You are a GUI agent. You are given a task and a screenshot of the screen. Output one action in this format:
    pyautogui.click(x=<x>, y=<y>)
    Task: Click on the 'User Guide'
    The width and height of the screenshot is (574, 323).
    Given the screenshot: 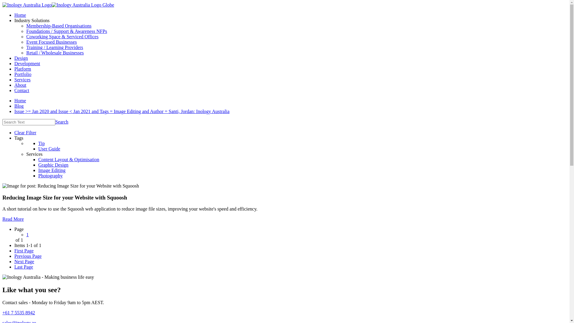 What is the action you would take?
    pyautogui.click(x=49, y=148)
    